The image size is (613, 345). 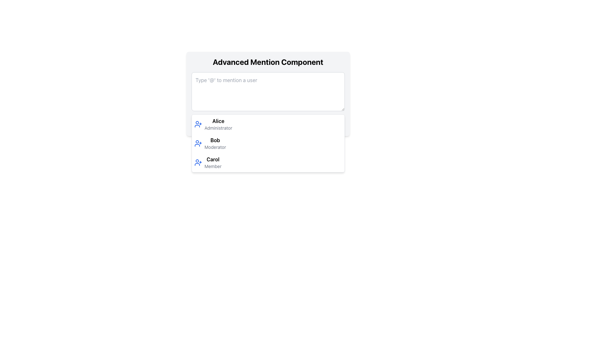 I want to click on the static text that presents the name of a selectable user in the dropdown menu, which is located at the top of the list, aligned with the person icon and above the role 'Administrator.', so click(x=218, y=121).